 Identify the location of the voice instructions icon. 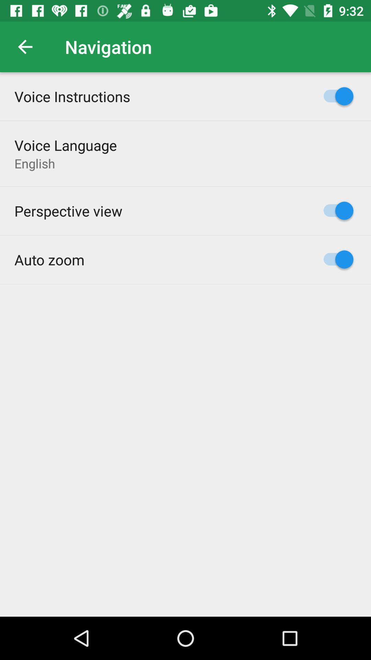
(72, 96).